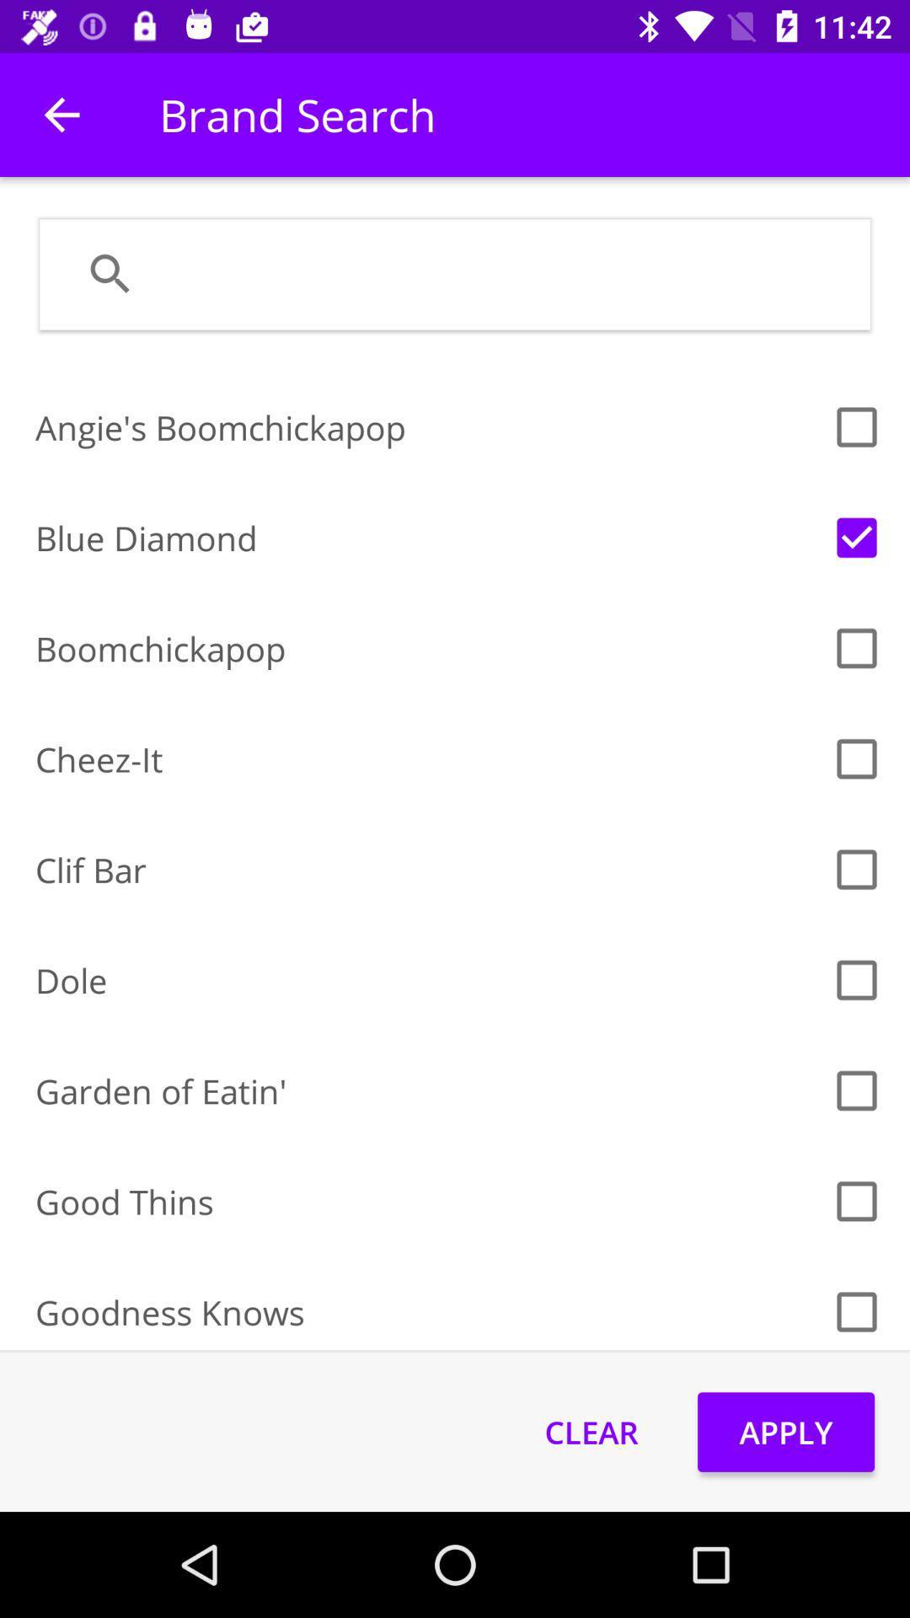 This screenshot has height=1618, width=910. Describe the element at coordinates (427, 427) in the screenshot. I see `the angie's boomchickapop` at that location.